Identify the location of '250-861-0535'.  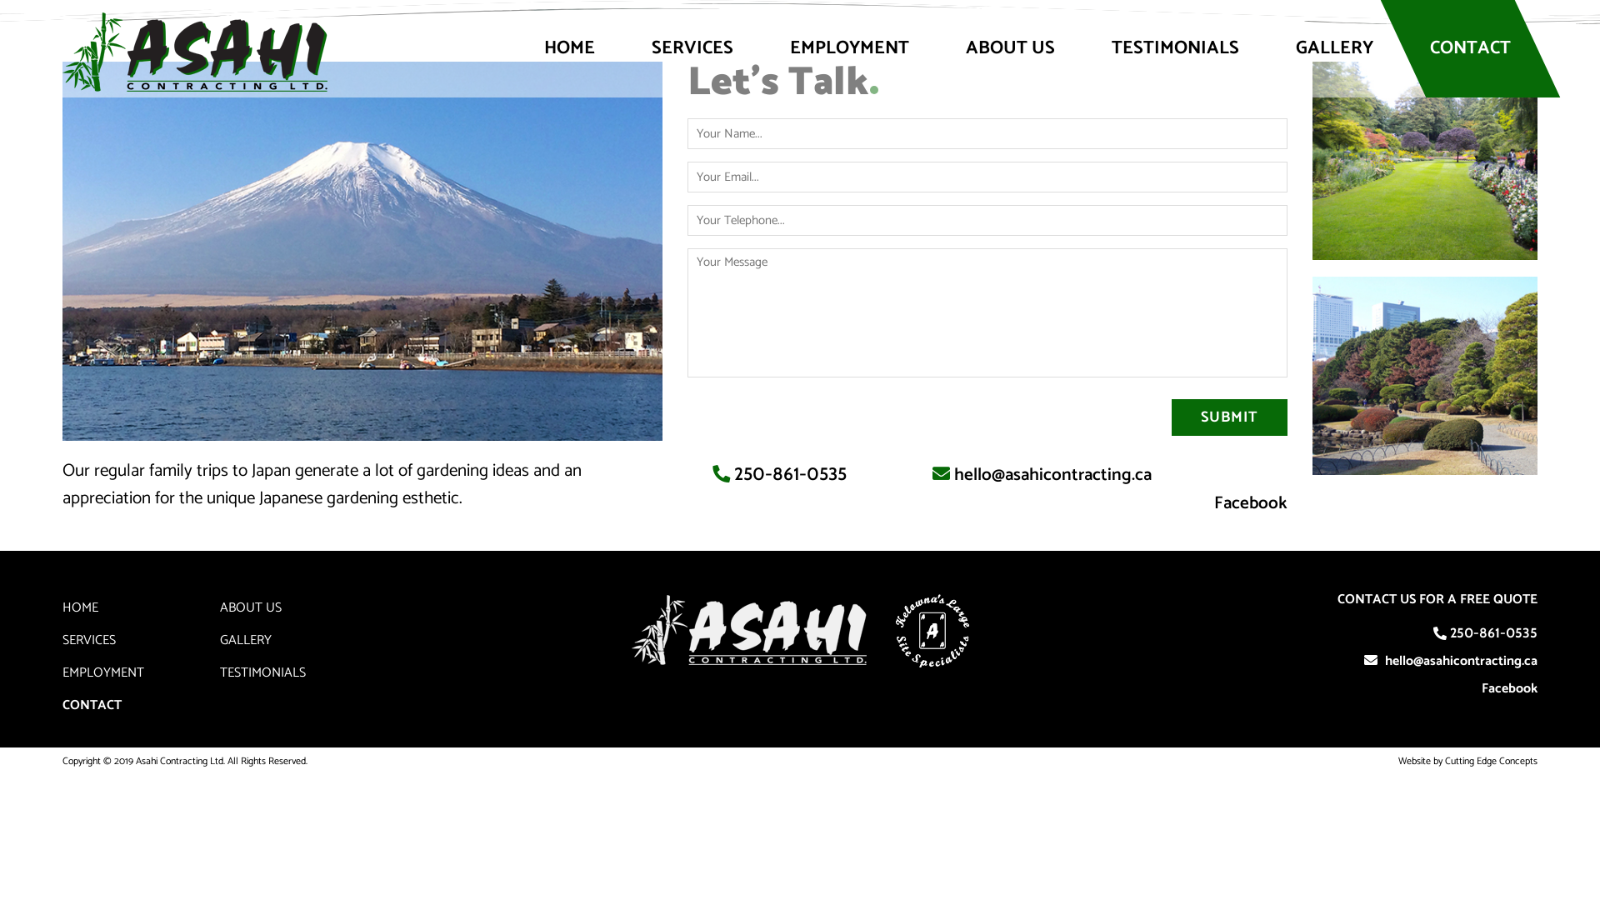
(733, 473).